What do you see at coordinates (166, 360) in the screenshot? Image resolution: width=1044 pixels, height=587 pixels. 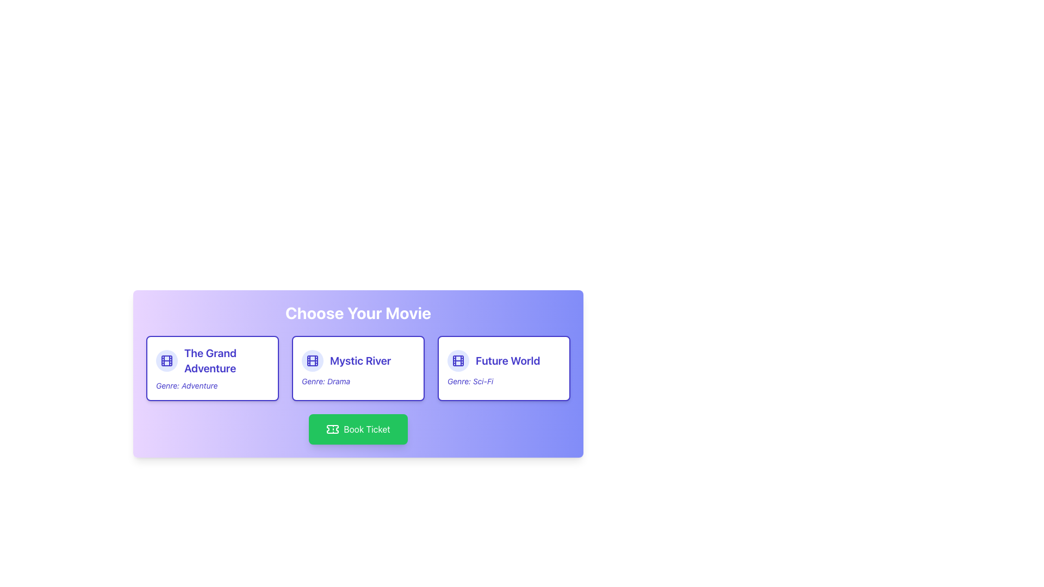 I see `the small circular button-like component with a light purple background and a white center depicting a film icon outlined in blue, located in the leftmost option box labeled 'The Grand Adventure'` at bounding box center [166, 360].